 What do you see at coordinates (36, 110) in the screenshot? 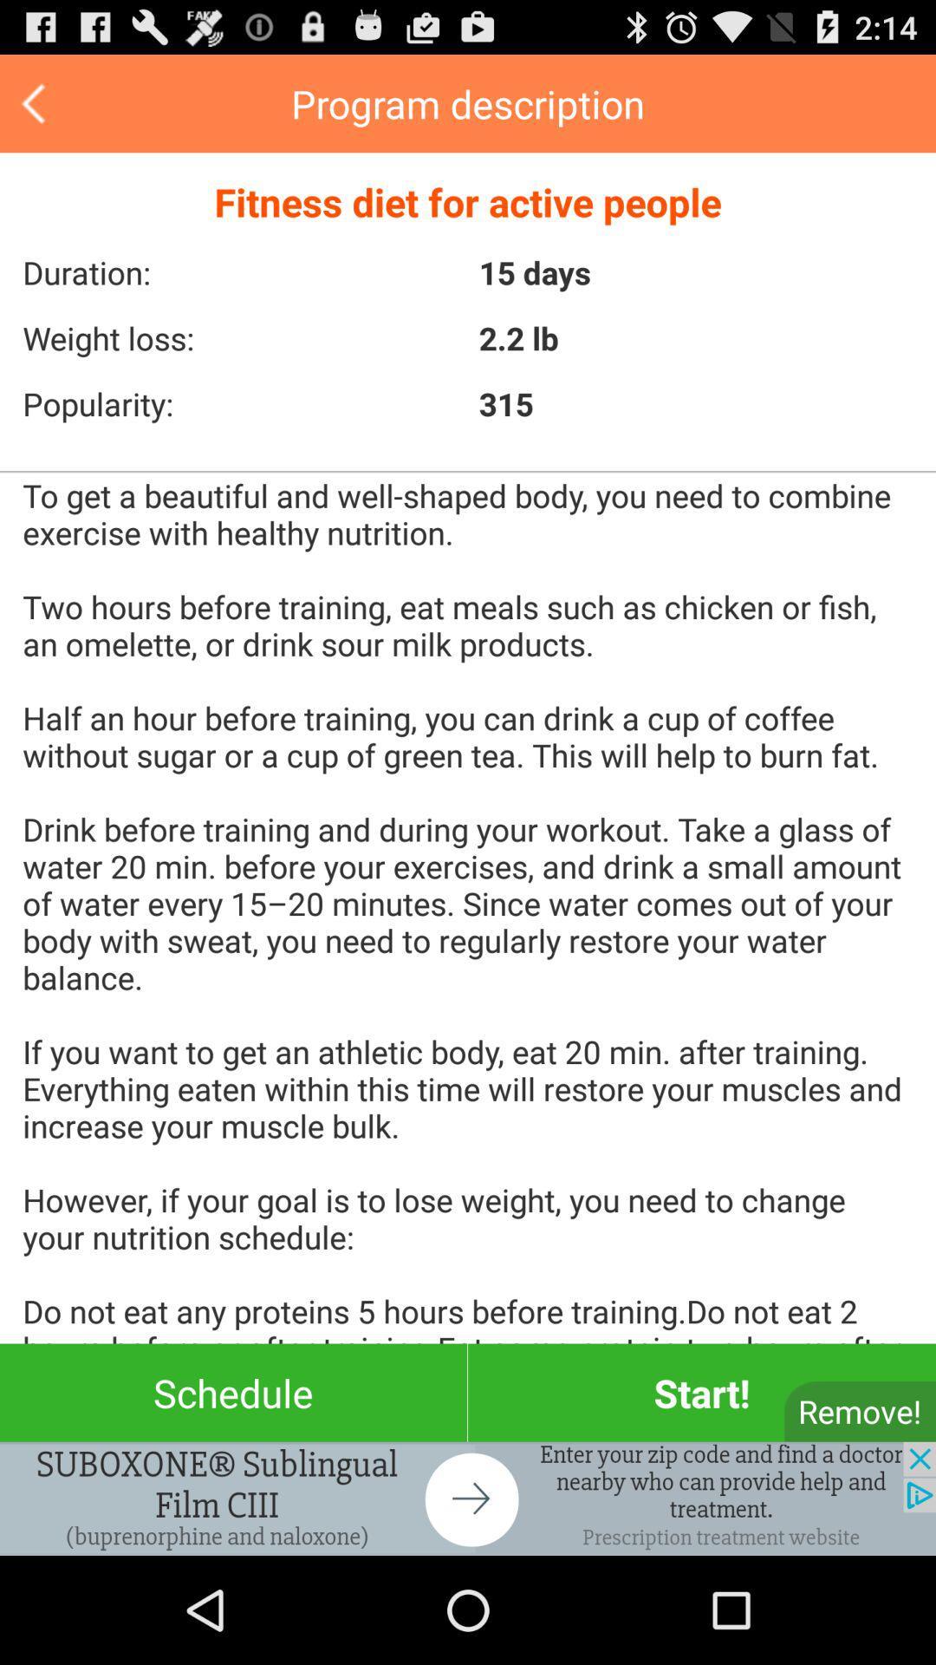
I see `the arrow_backward icon` at bounding box center [36, 110].